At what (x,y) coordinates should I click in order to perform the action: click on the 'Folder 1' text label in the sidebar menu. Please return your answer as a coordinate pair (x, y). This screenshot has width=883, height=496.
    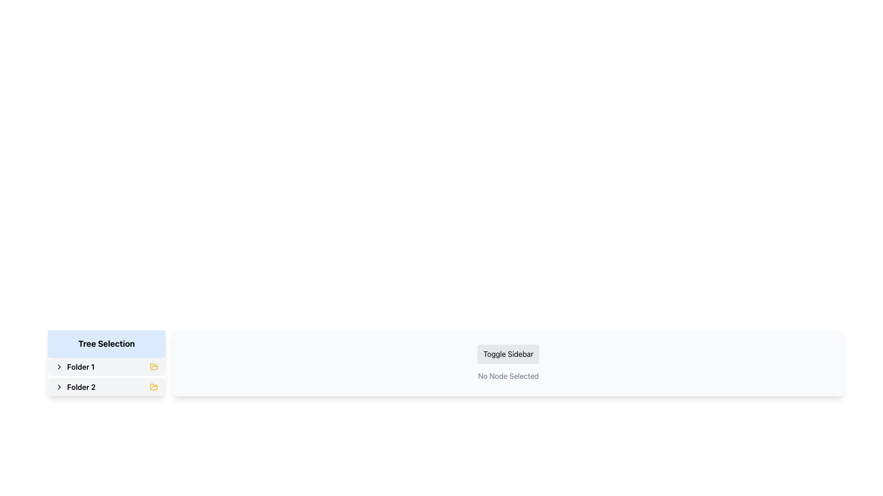
    Looking at the image, I should click on (75, 366).